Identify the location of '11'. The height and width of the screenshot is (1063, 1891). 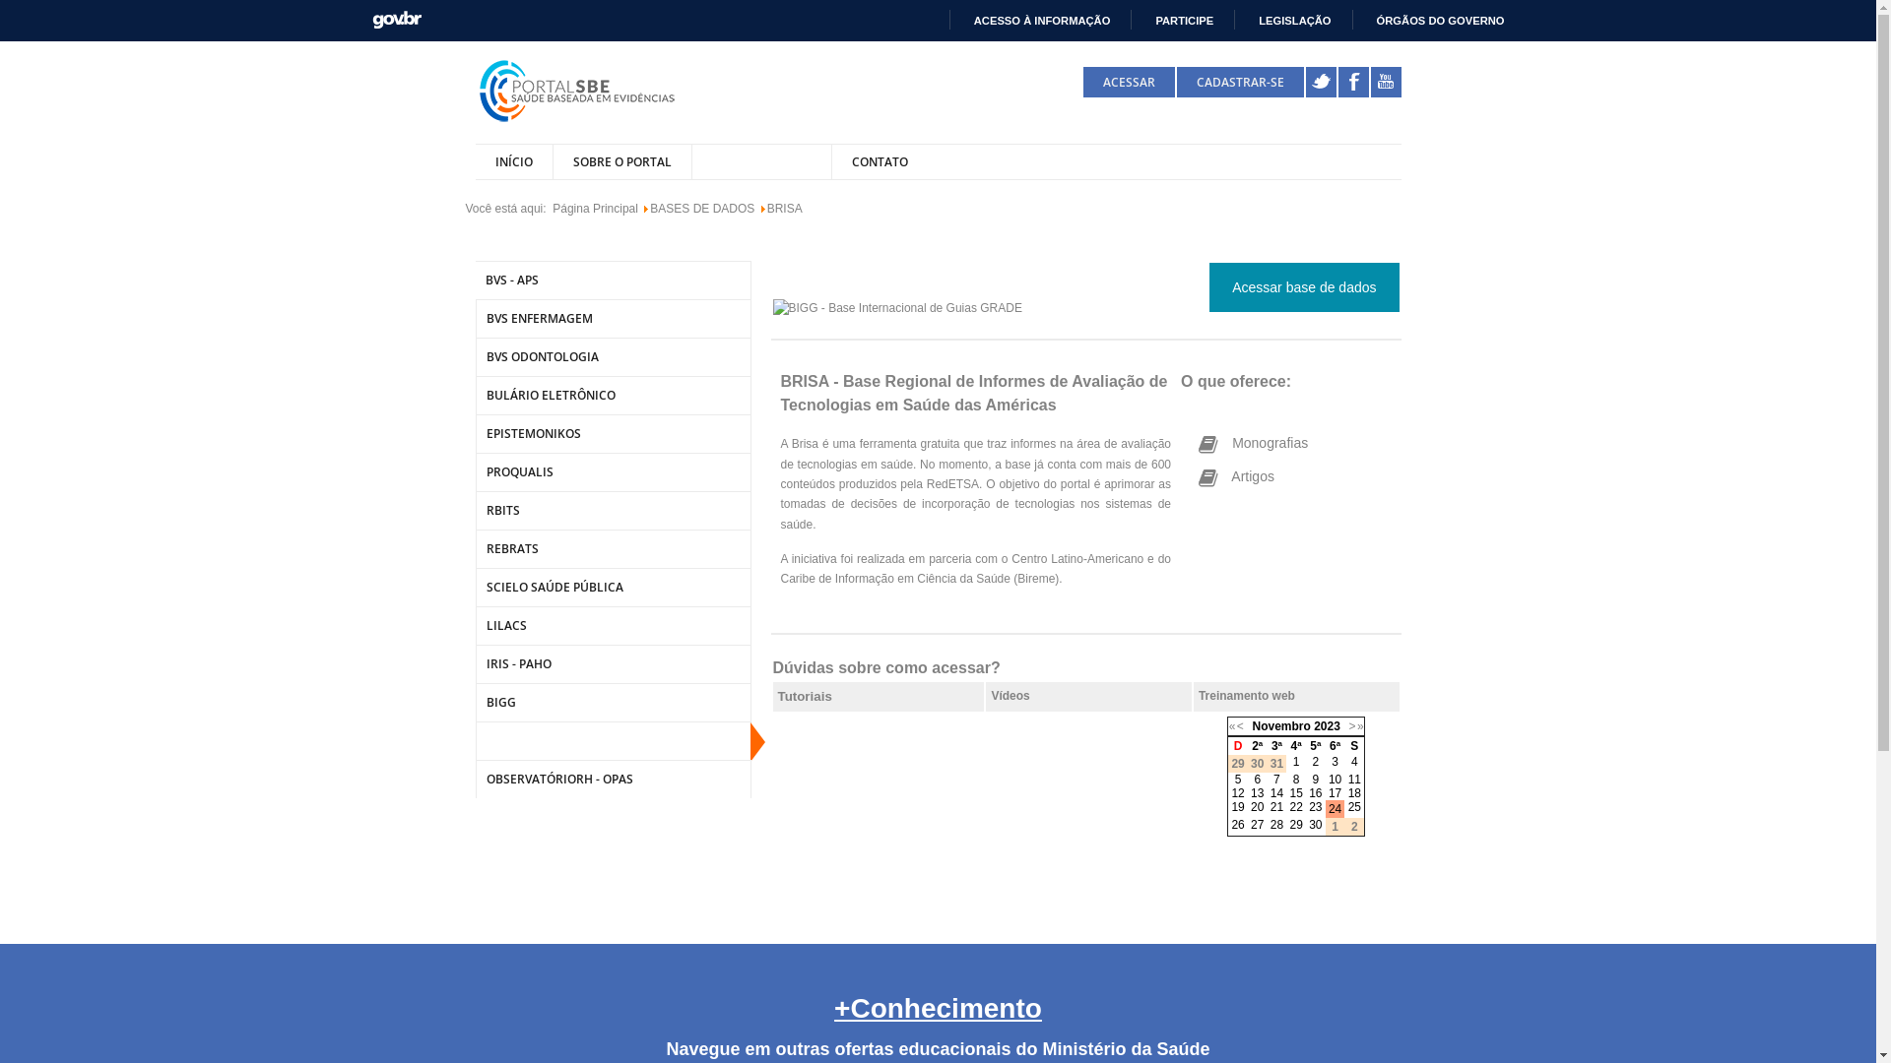
(1353, 778).